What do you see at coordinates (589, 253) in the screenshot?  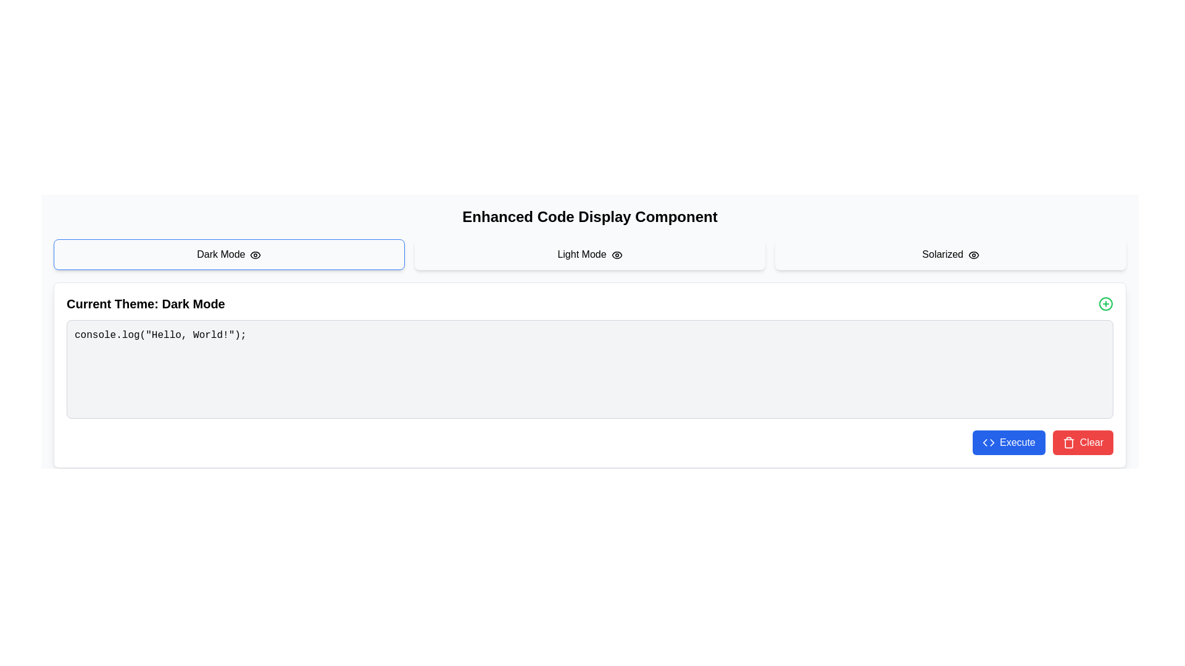 I see `the 'Light Mode' button located in the group of mode toggles beneath the title 'Enhanced Code Display Component'` at bounding box center [589, 253].